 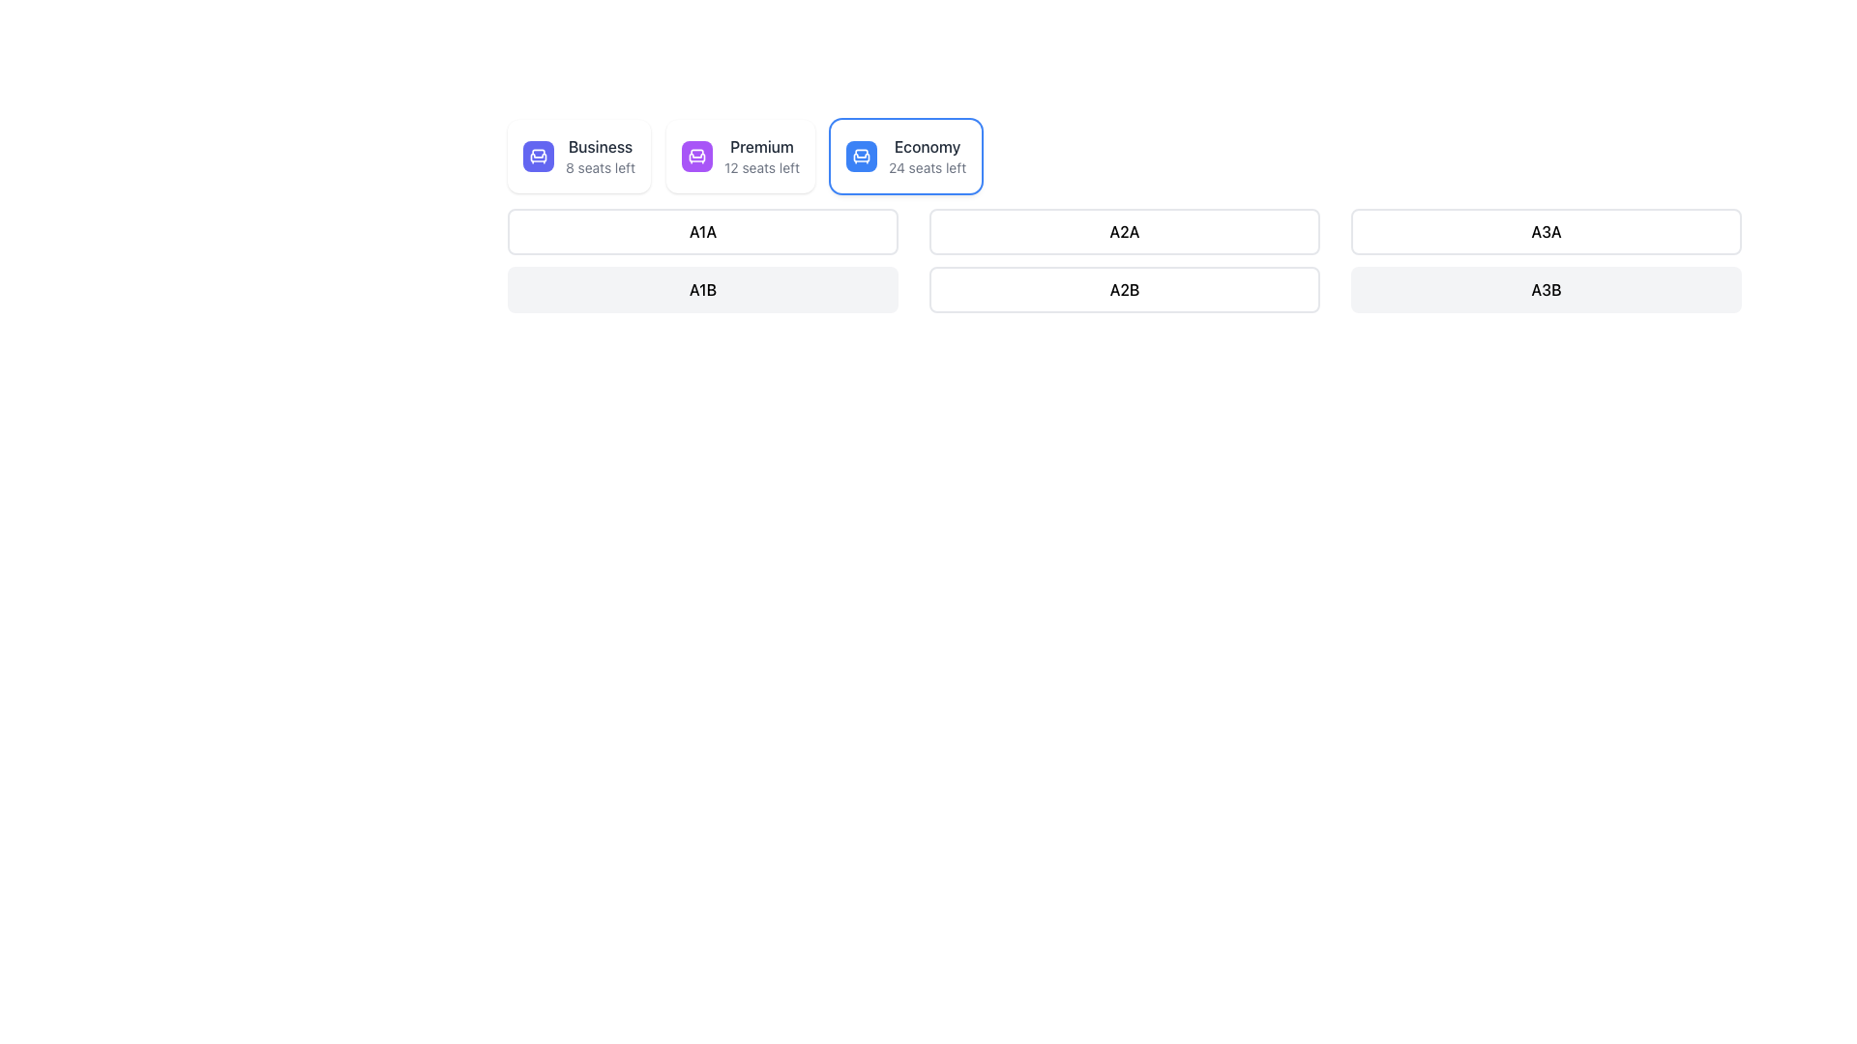 I want to click on the Text label indicating available seats in the Business category, which is positioned second from the left between a purple 'Premium' option and a blue 'Economy' option, so click(x=599, y=156).